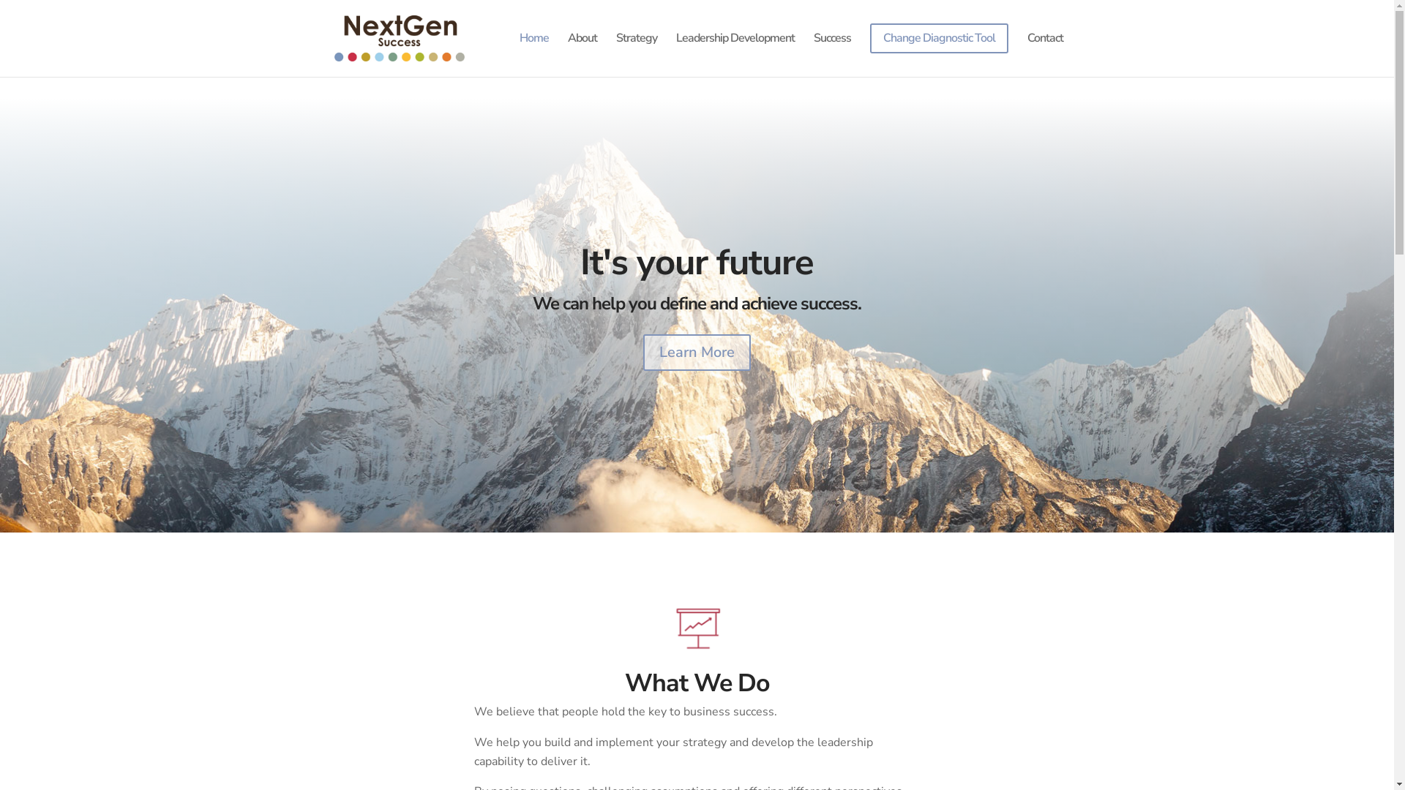 The image size is (1405, 790). I want to click on 'About', so click(582, 49).